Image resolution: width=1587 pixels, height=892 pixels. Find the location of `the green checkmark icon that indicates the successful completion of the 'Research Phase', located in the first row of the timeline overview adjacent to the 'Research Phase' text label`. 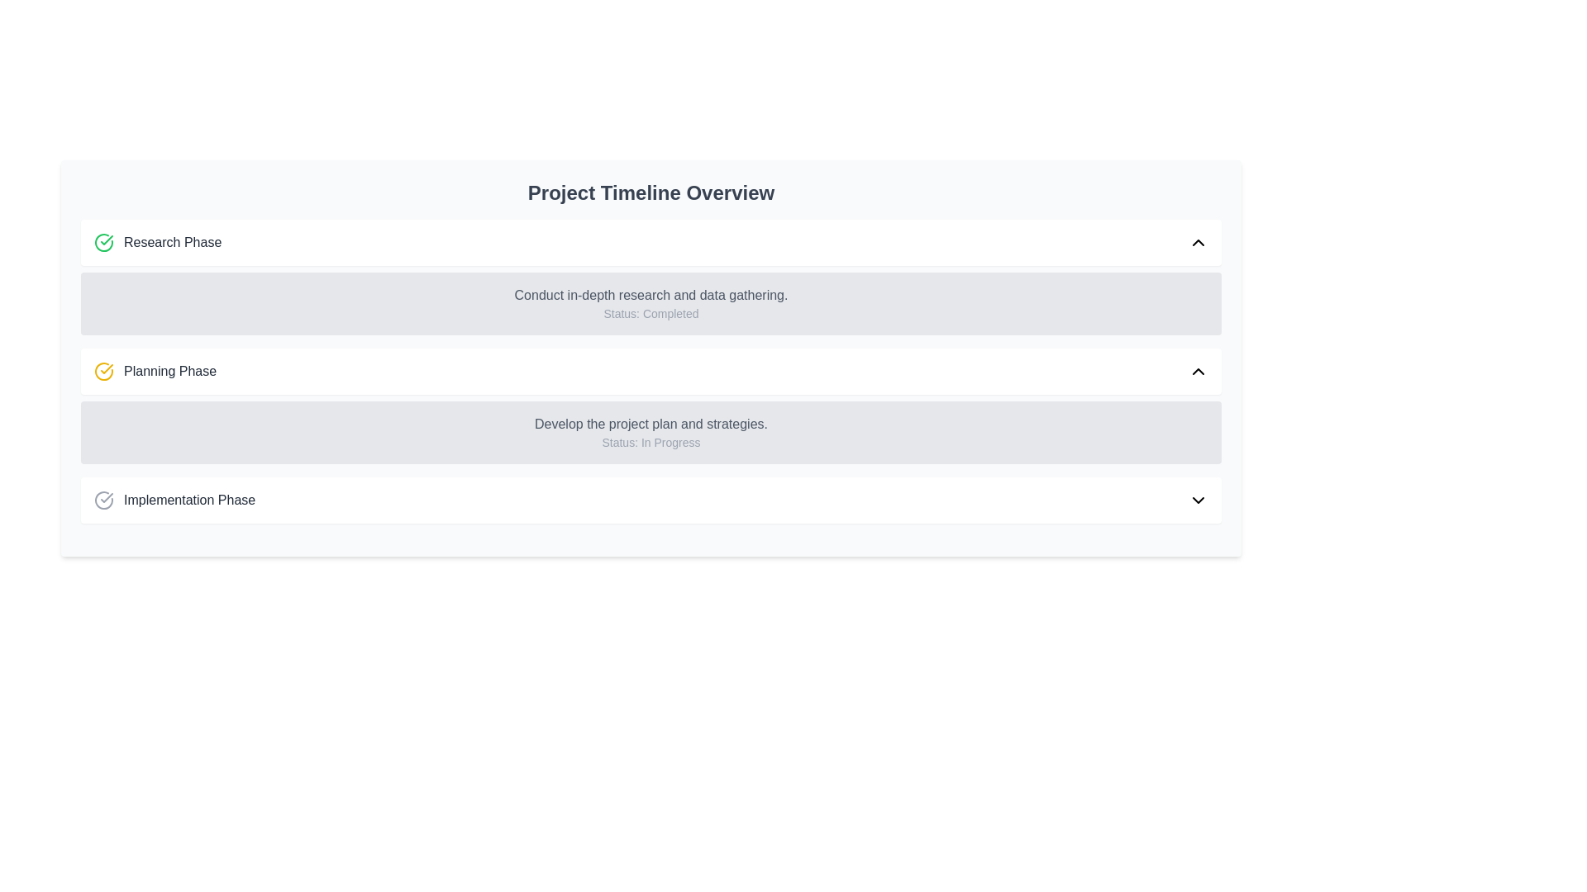

the green checkmark icon that indicates the successful completion of the 'Research Phase', located in the first row of the timeline overview adjacent to the 'Research Phase' text label is located at coordinates (102, 242).